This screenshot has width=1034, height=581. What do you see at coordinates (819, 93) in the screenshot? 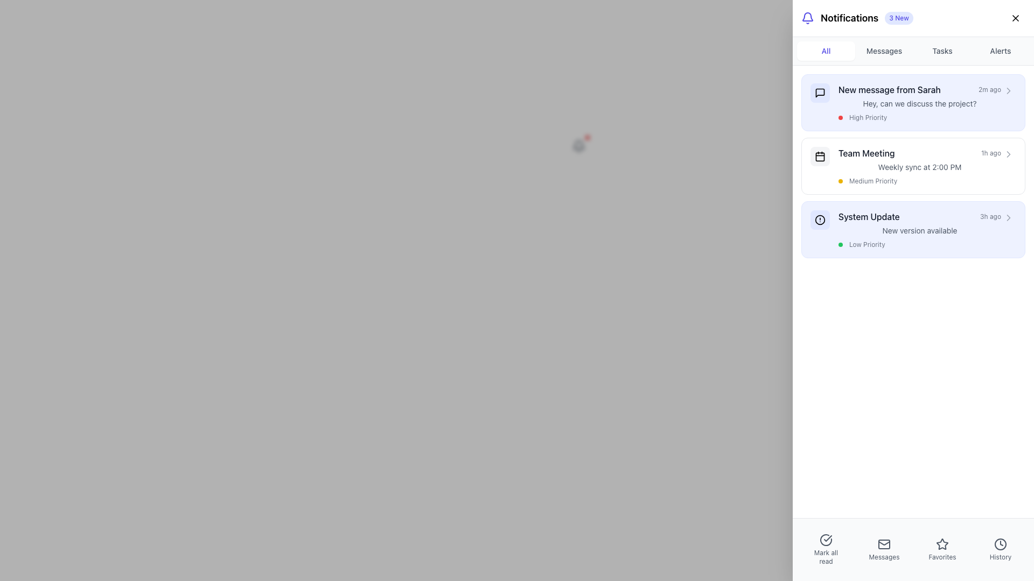
I see `the icon with a light indigo background and a speech bubble icon, located in the top-left corner of the notification titled 'New message from Sarah'` at bounding box center [819, 93].